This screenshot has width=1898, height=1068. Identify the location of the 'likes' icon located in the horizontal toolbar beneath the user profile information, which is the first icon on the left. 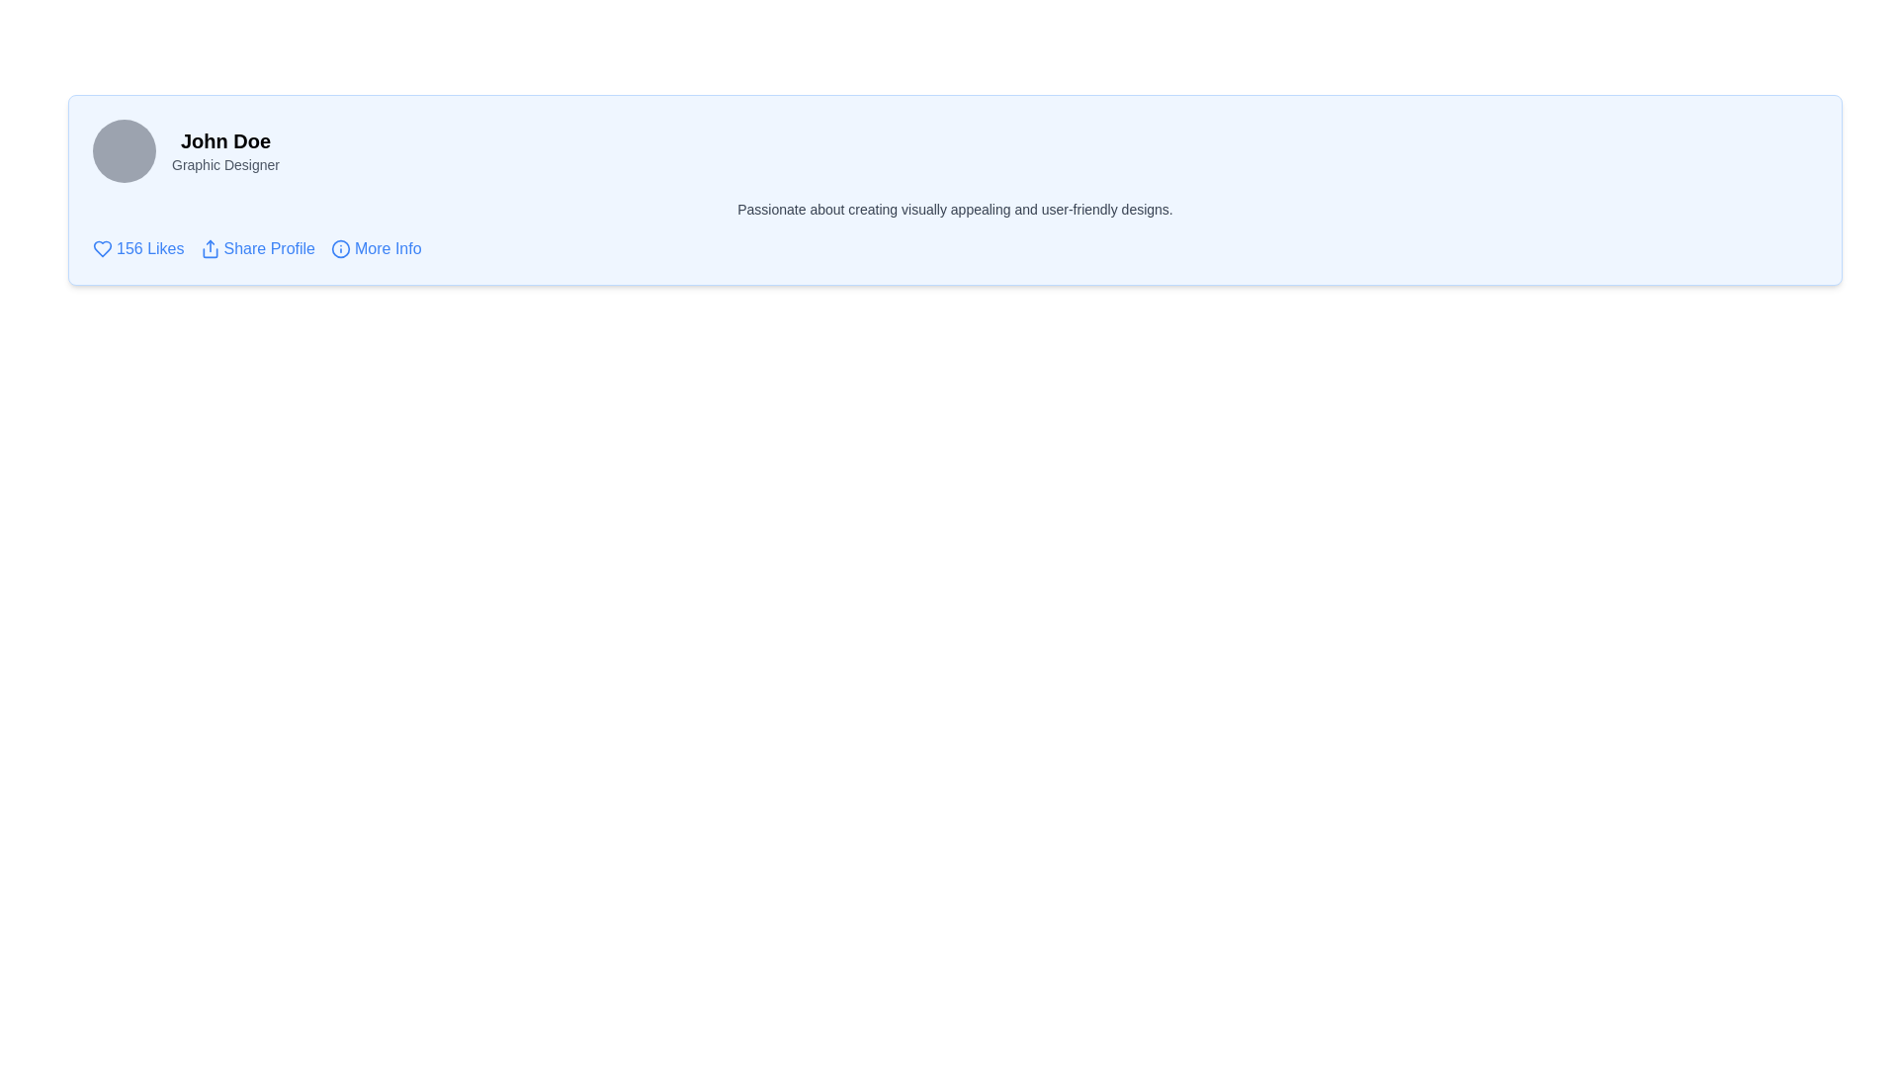
(102, 246).